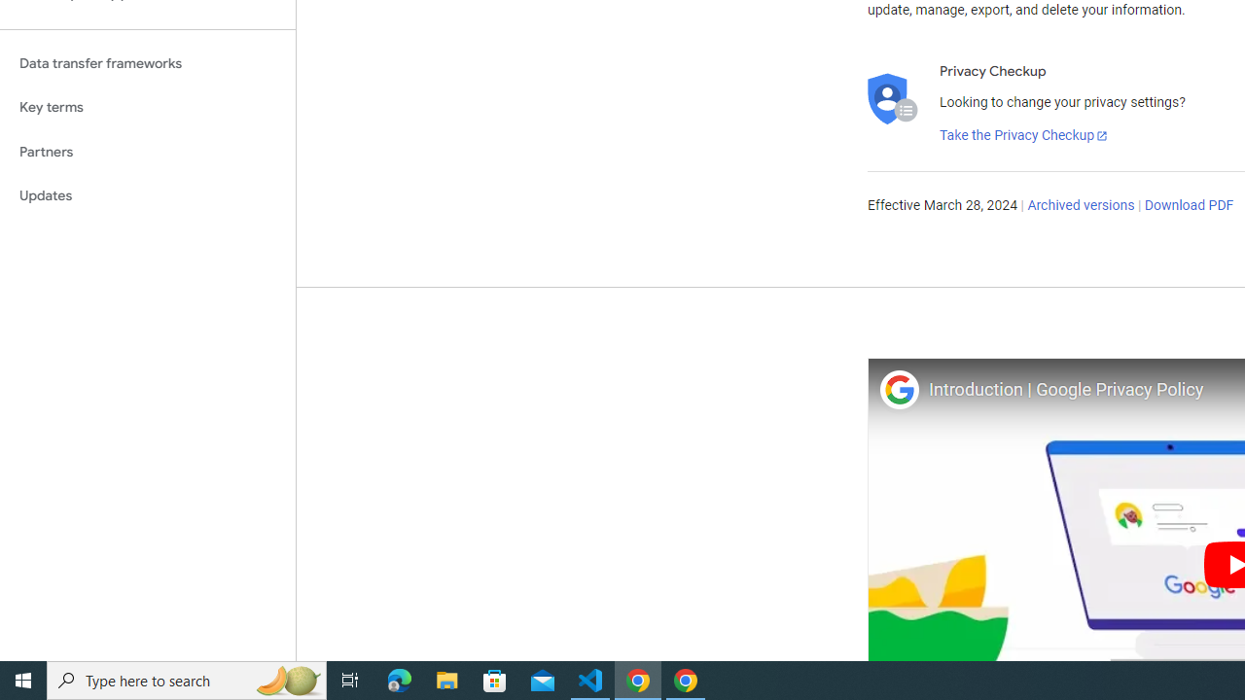 Image resolution: width=1245 pixels, height=700 pixels. I want to click on 'Key terms', so click(147, 107).